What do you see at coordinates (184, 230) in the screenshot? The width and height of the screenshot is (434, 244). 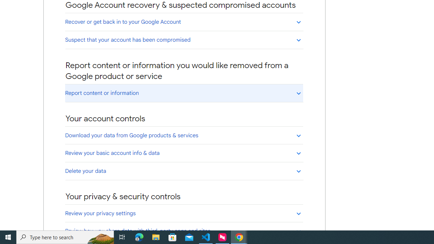 I see `'Review how you share data with third-party apps and sites'` at bounding box center [184, 230].